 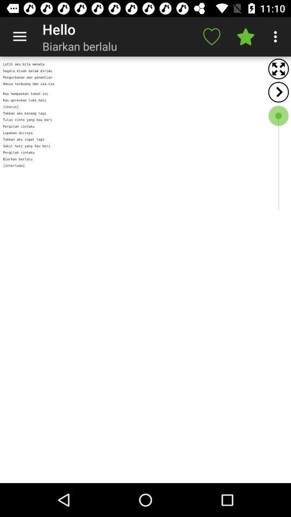 What do you see at coordinates (278, 92) in the screenshot?
I see `back` at bounding box center [278, 92].